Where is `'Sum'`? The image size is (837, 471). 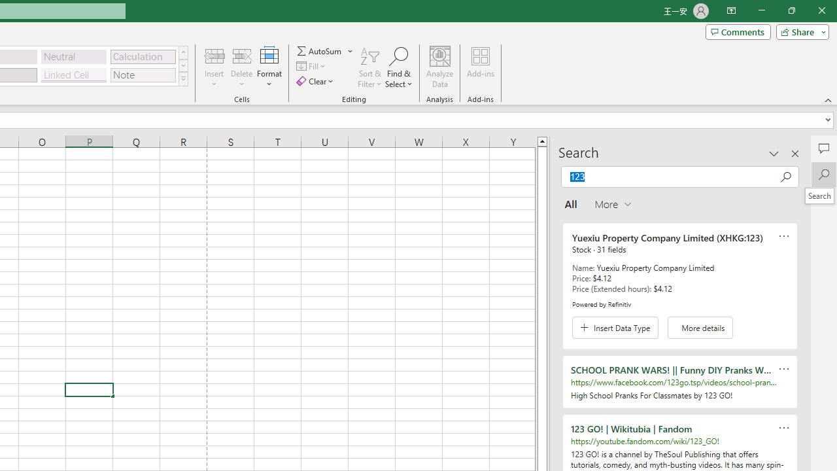
'Sum' is located at coordinates (320, 50).